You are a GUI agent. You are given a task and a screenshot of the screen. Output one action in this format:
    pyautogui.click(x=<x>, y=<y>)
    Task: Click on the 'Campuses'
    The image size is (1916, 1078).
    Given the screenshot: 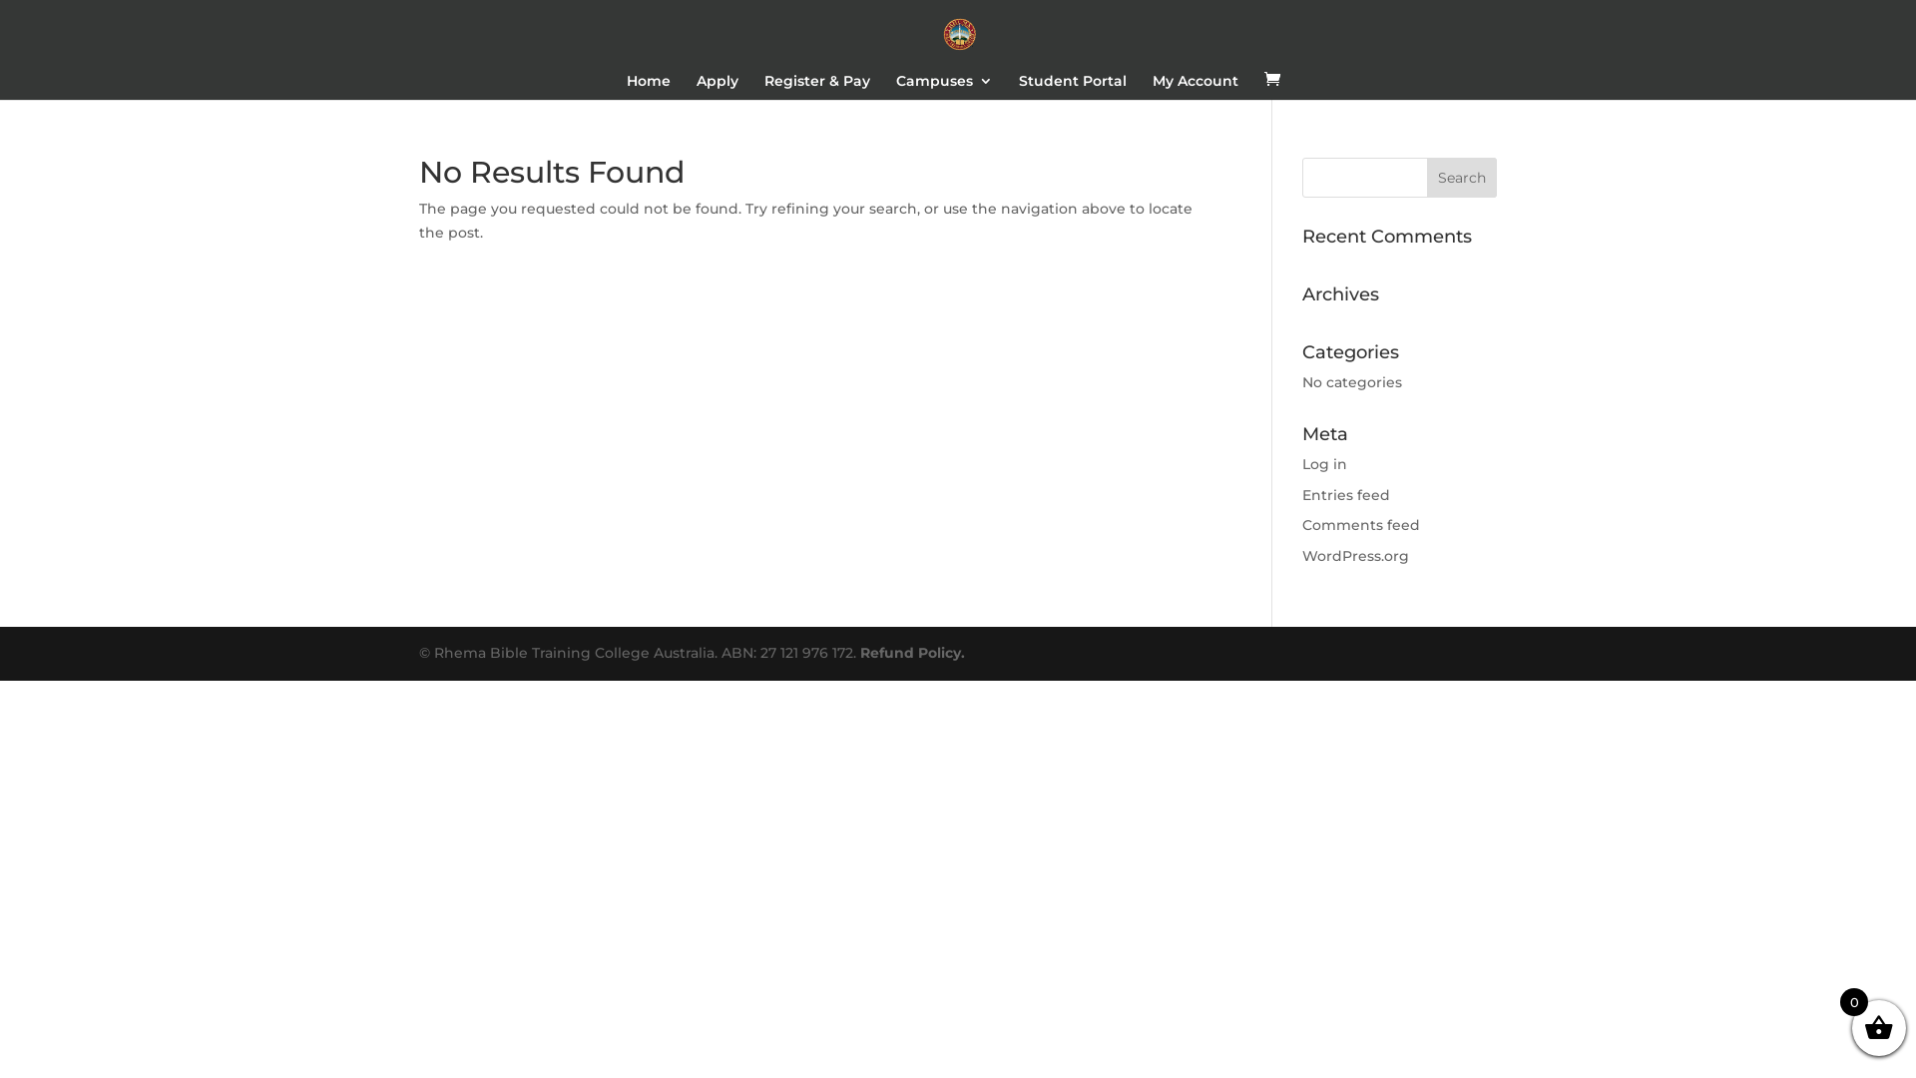 What is the action you would take?
    pyautogui.click(x=894, y=86)
    